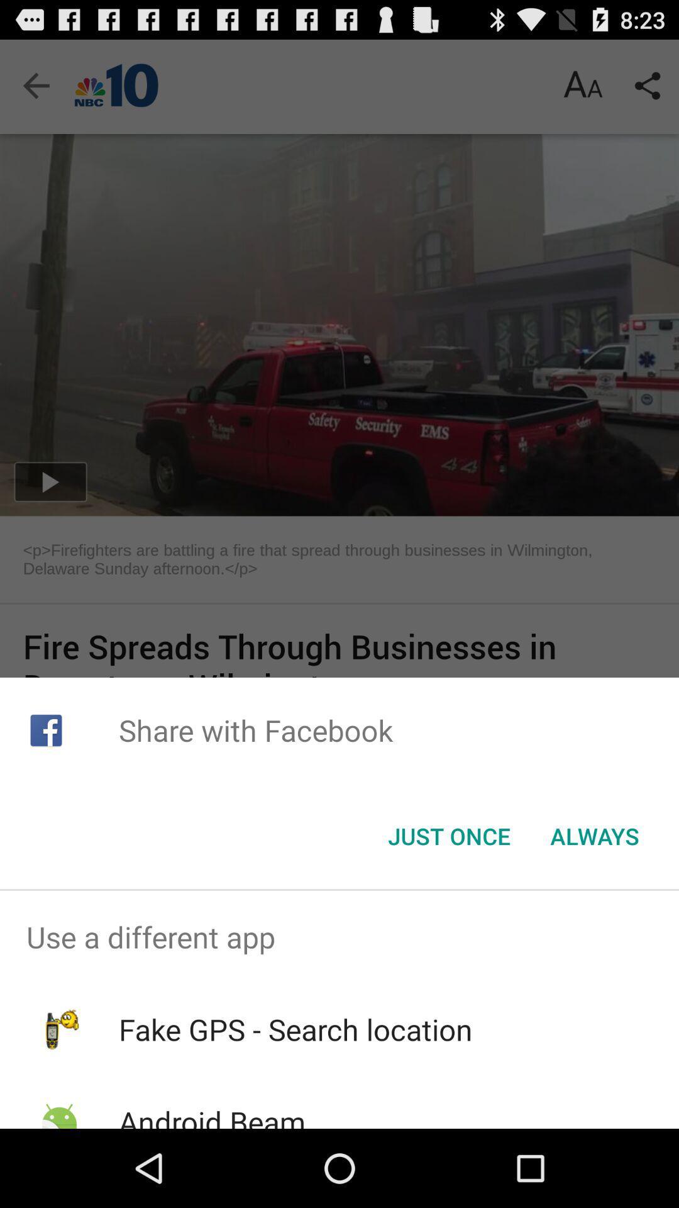 Image resolution: width=679 pixels, height=1208 pixels. I want to click on android beam item, so click(211, 1115).